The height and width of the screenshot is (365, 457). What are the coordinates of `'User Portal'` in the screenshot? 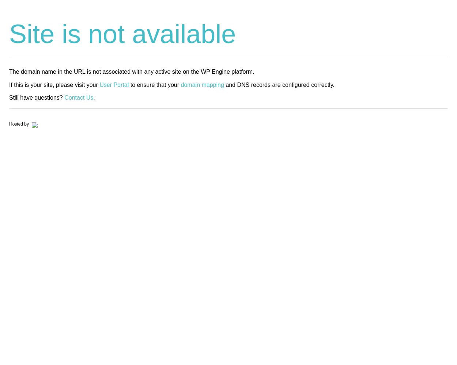 It's located at (99, 84).